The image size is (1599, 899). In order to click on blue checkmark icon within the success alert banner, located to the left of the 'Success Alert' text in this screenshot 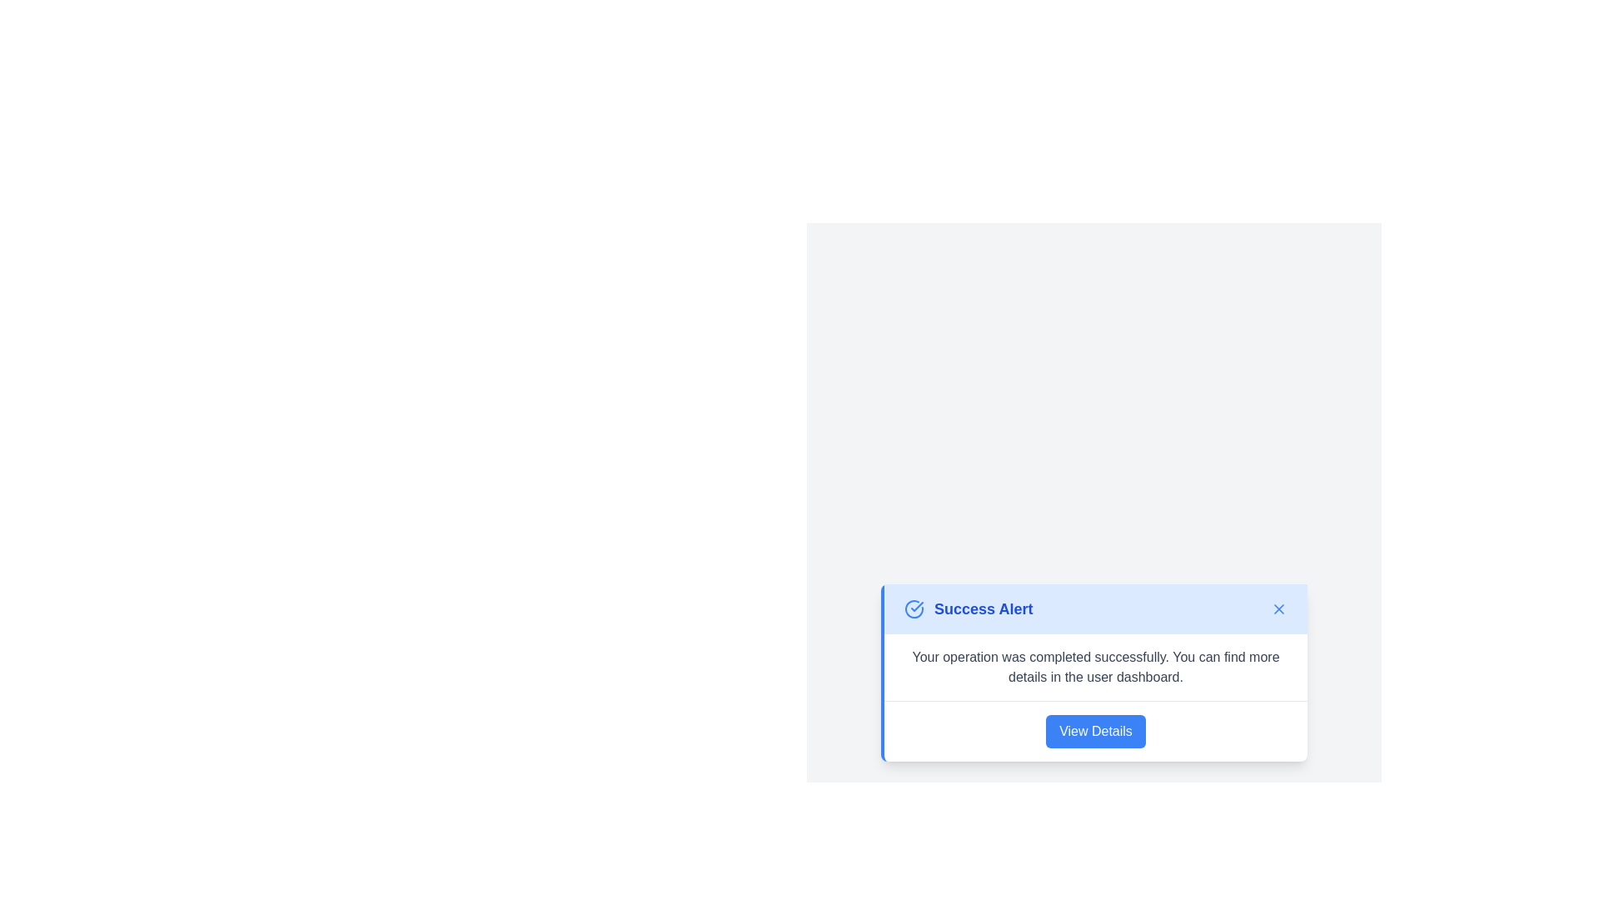, I will do `click(914, 608)`.